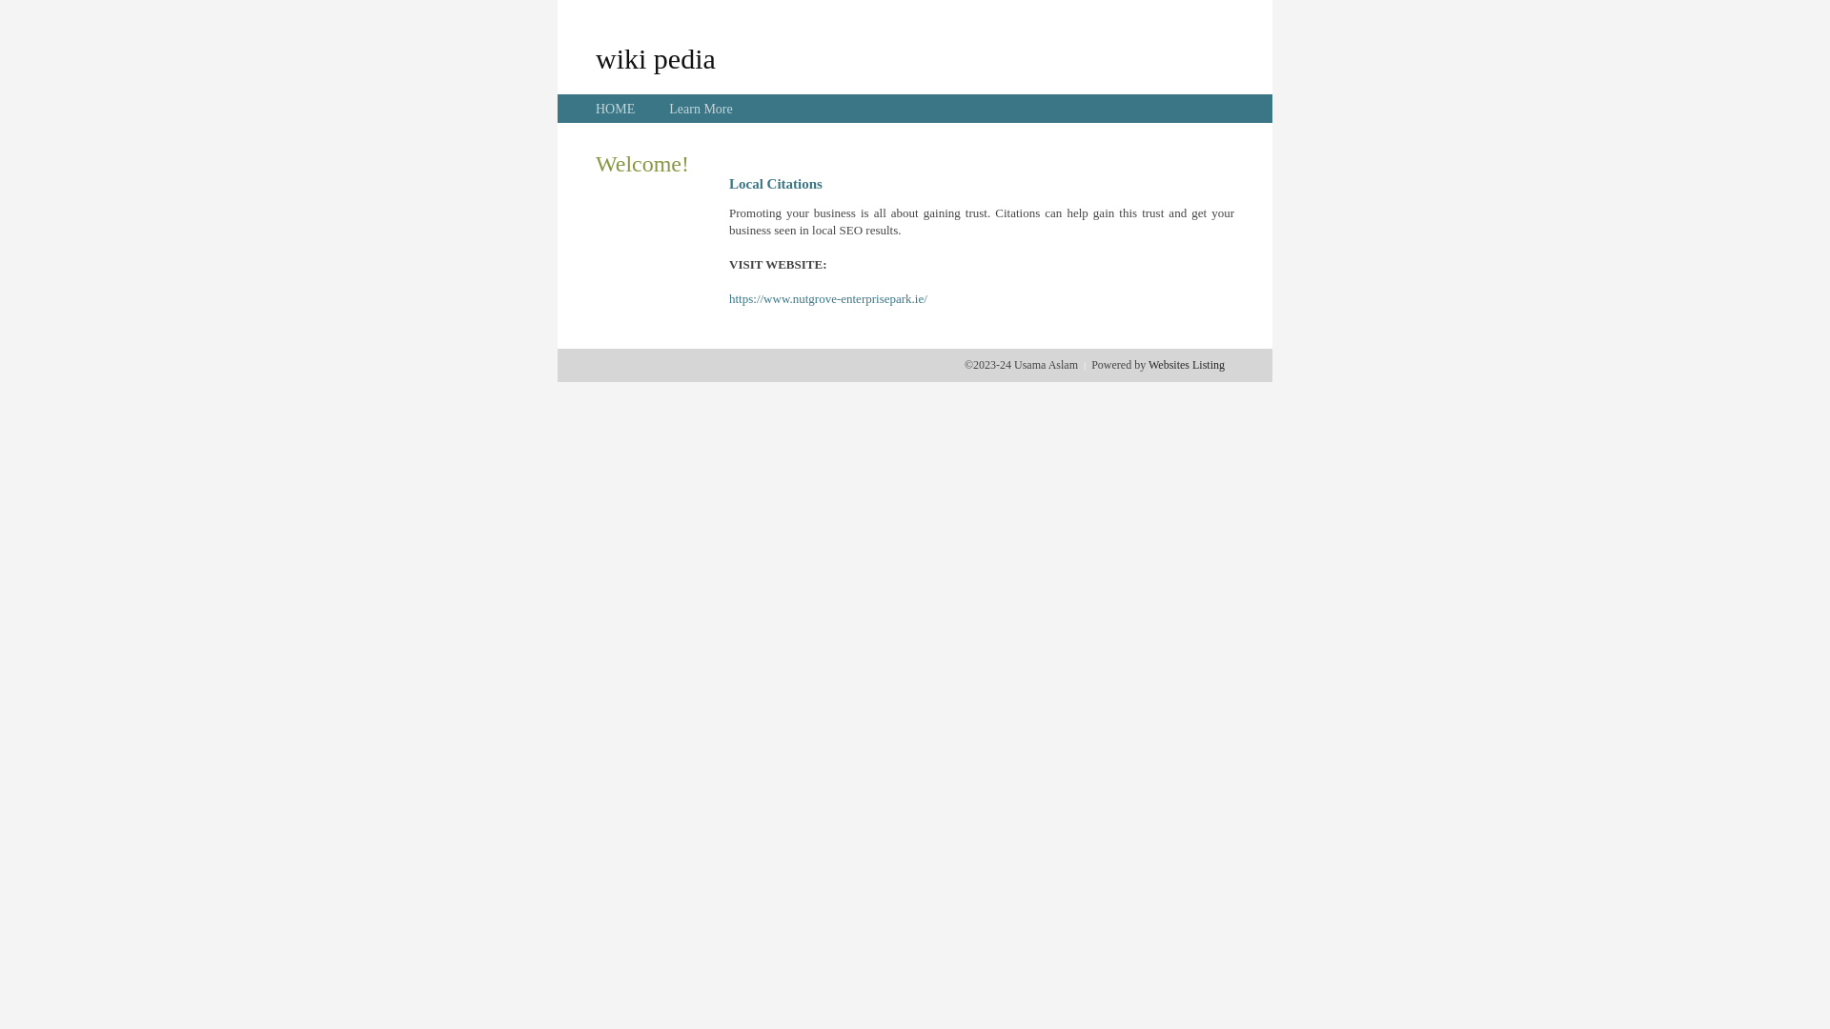  Describe the element at coordinates (668, 109) in the screenshot. I see `'Learn More'` at that location.